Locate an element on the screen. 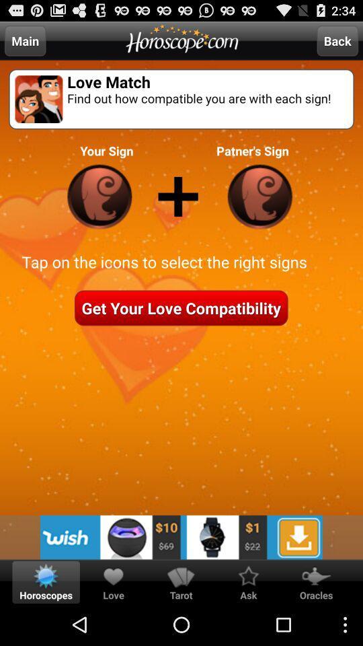 Image resolution: width=363 pixels, height=646 pixels. sign is located at coordinates (99, 196).